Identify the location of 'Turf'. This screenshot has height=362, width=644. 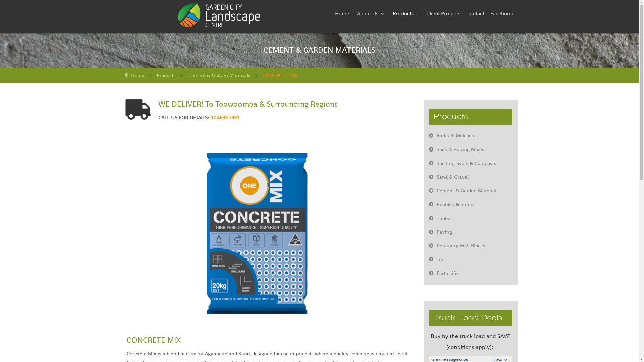
(470, 259).